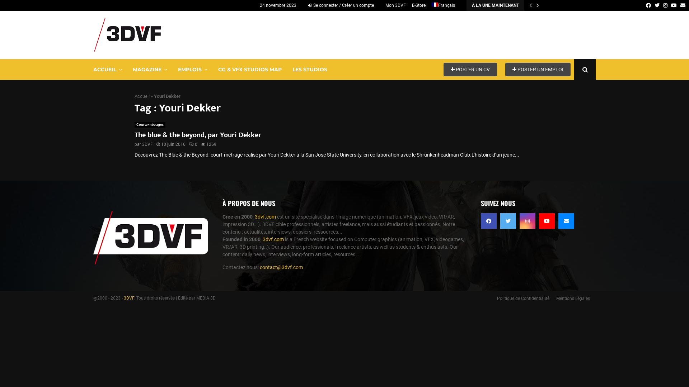 The width and height of the screenshot is (689, 387). What do you see at coordinates (418, 5) in the screenshot?
I see `'E-Store'` at bounding box center [418, 5].